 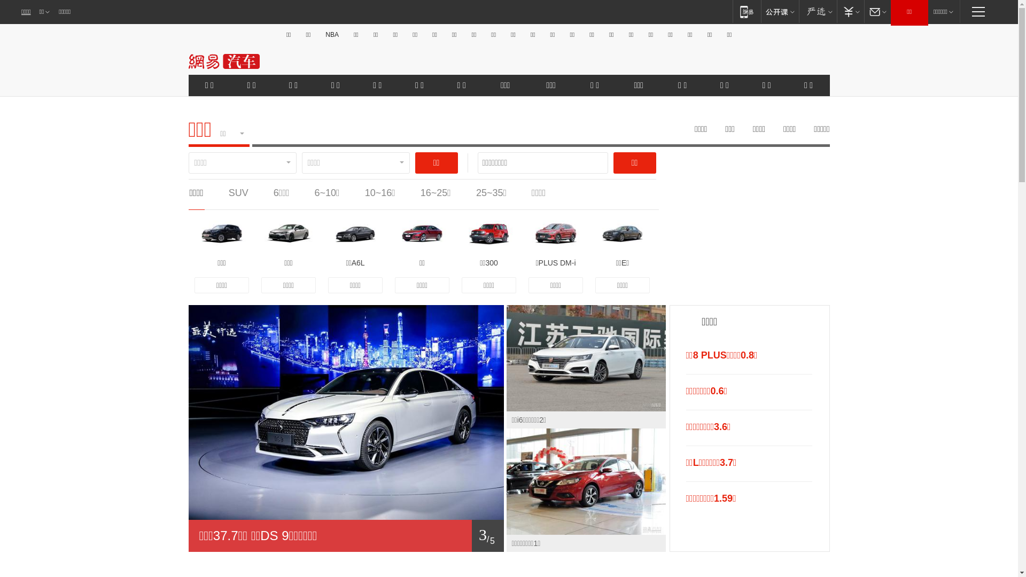 I want to click on 'SUV', so click(x=238, y=193).